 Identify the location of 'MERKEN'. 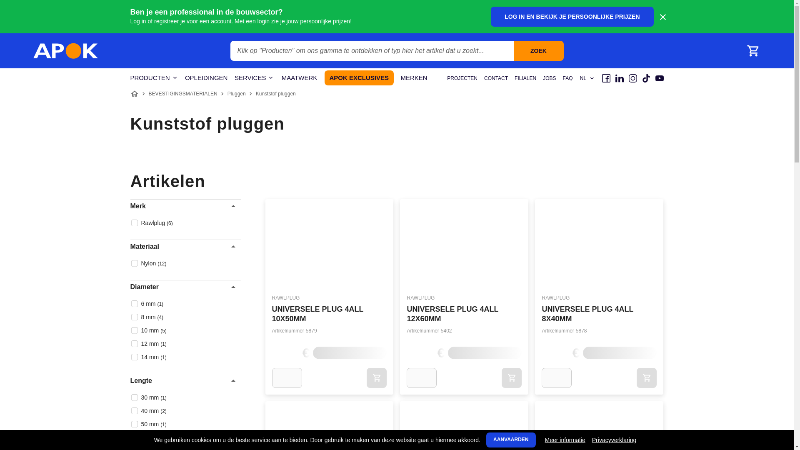
(414, 78).